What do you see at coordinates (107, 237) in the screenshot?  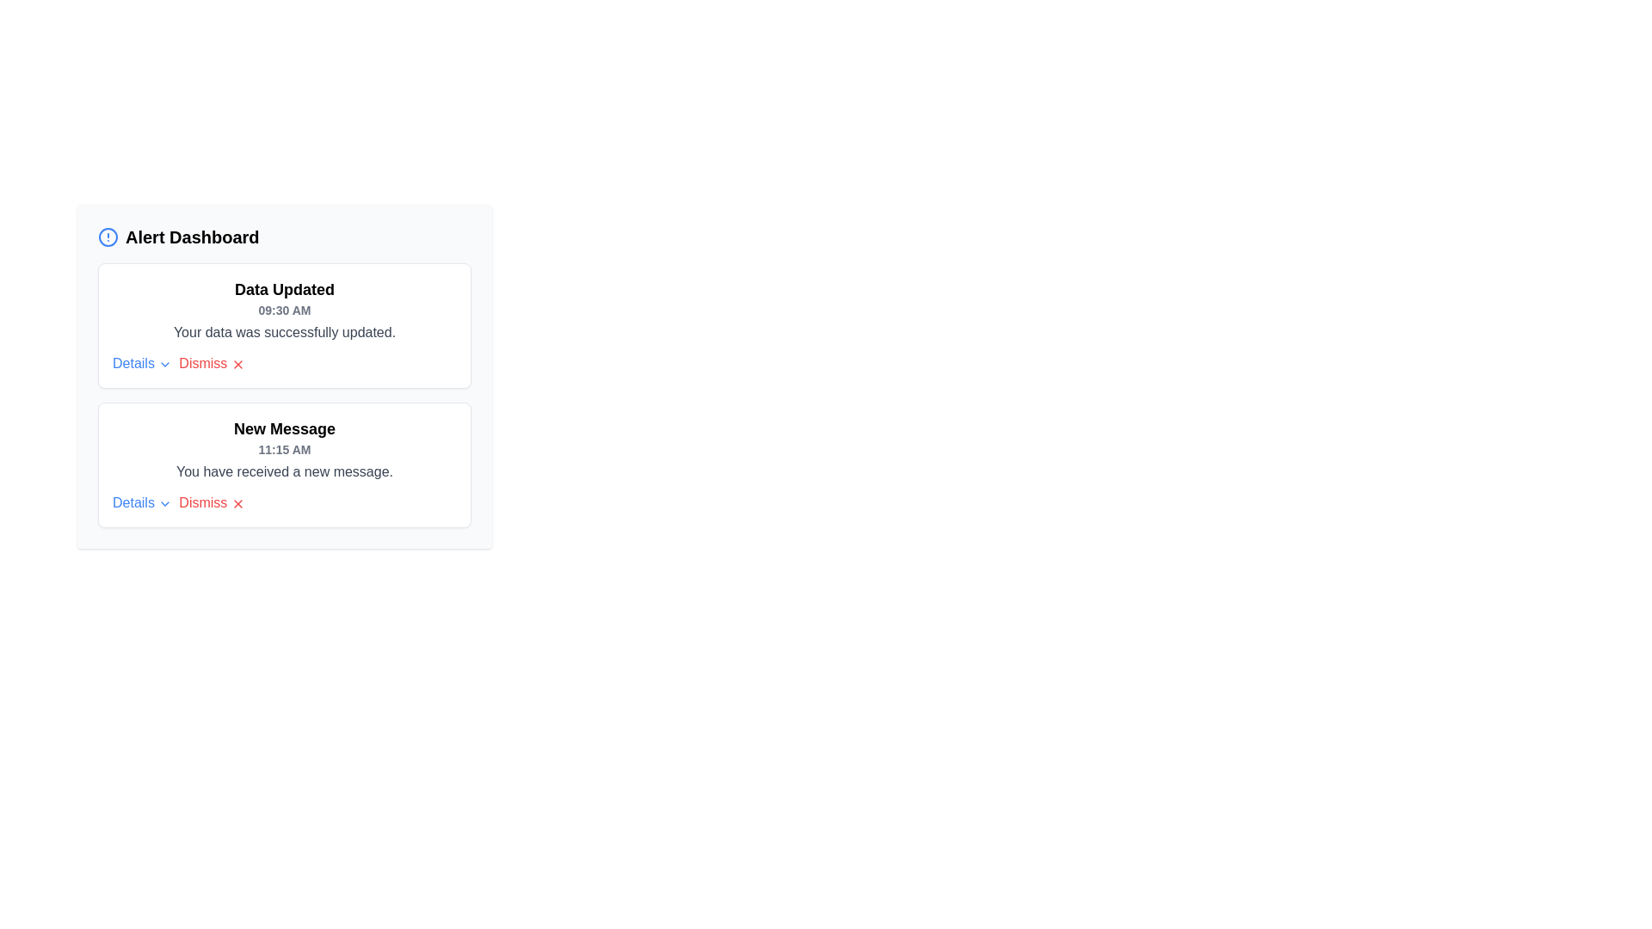 I see `the blue circular element at the center of the alert icon located in the top-left corner of the Alert Dashboard section` at bounding box center [107, 237].